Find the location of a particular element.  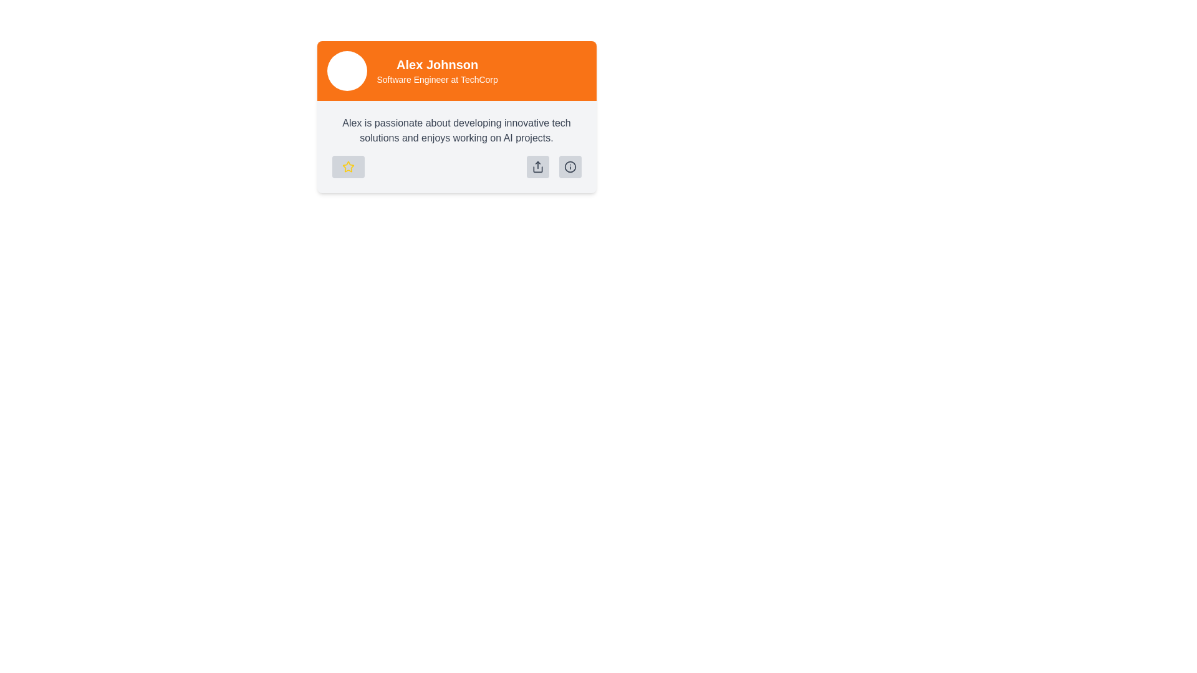

the text element displaying 'Software Engineer' within the orange header box, located directly below 'Alex Johnson' is located at coordinates (437, 79).